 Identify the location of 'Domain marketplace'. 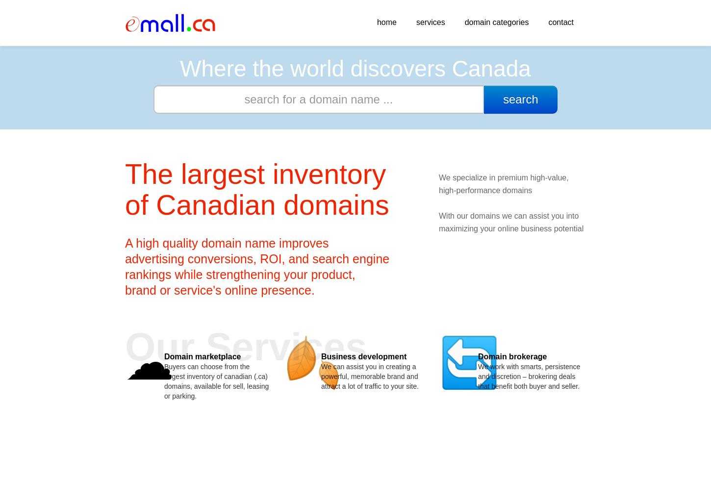
(164, 356).